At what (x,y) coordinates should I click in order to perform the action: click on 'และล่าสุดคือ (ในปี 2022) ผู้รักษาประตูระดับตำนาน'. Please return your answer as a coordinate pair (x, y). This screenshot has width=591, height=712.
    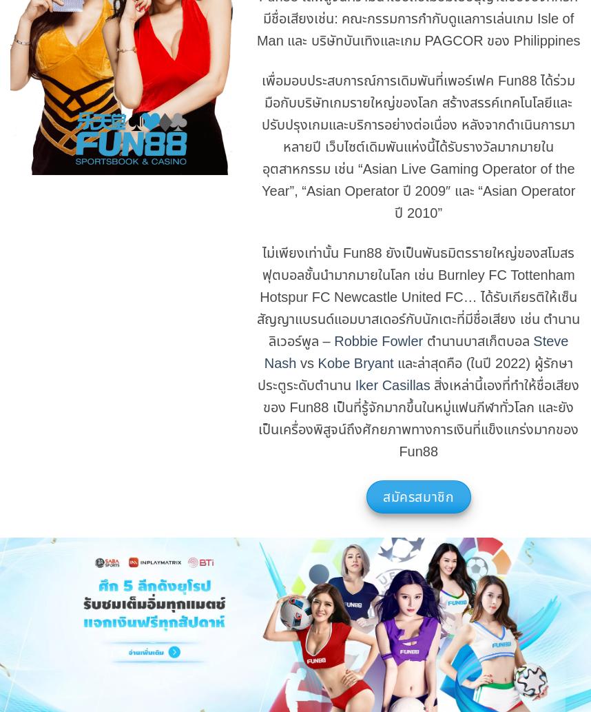
    Looking at the image, I should click on (415, 373).